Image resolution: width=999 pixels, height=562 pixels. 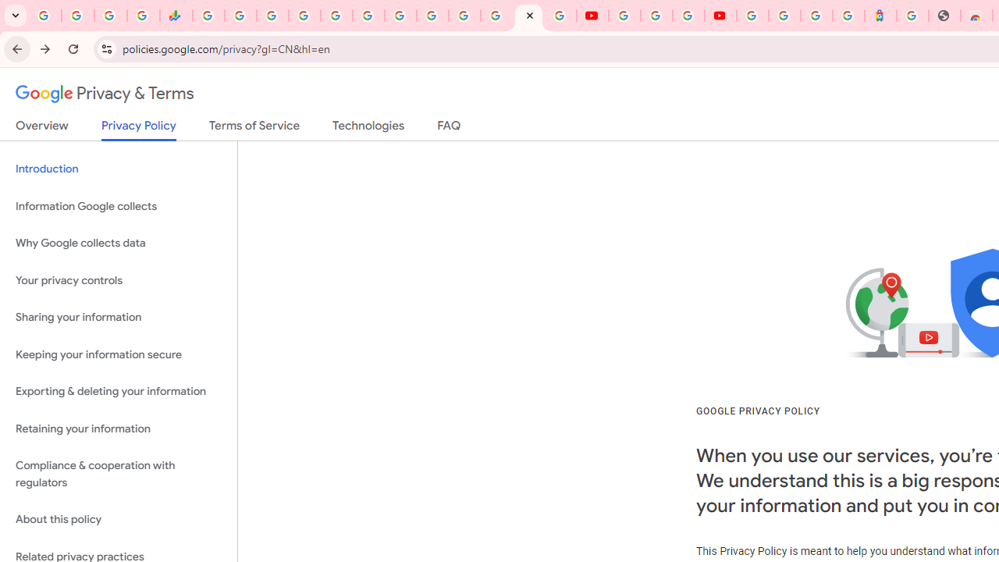 What do you see at coordinates (45, 16) in the screenshot?
I see `'Google Workspace Admin Community'` at bounding box center [45, 16].